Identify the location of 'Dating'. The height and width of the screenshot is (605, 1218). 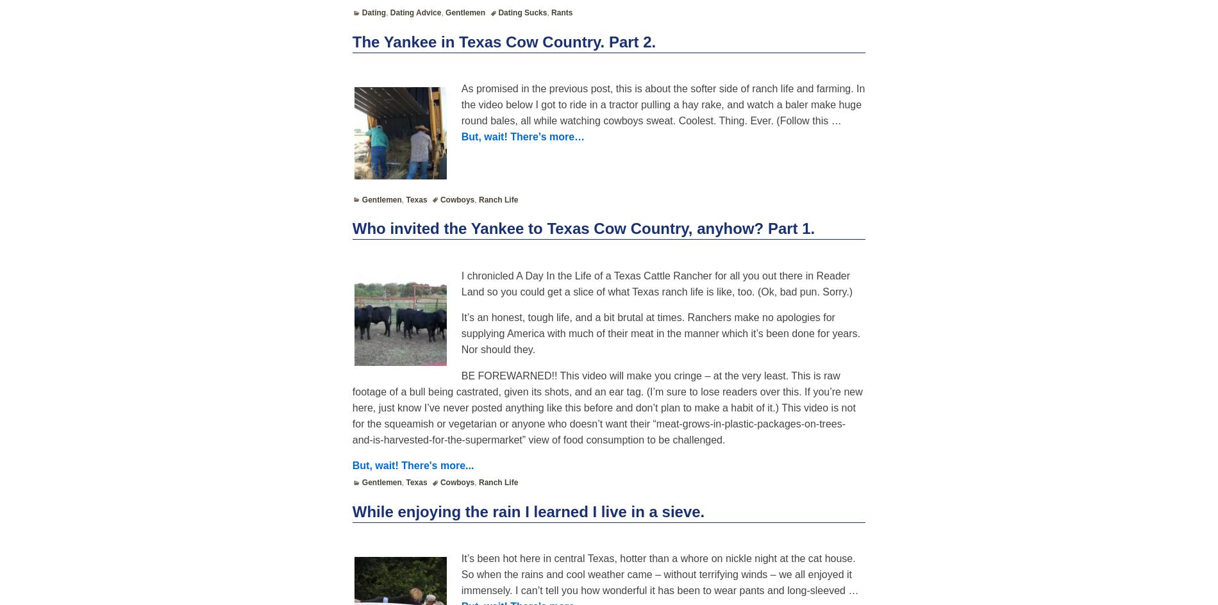
(373, 13).